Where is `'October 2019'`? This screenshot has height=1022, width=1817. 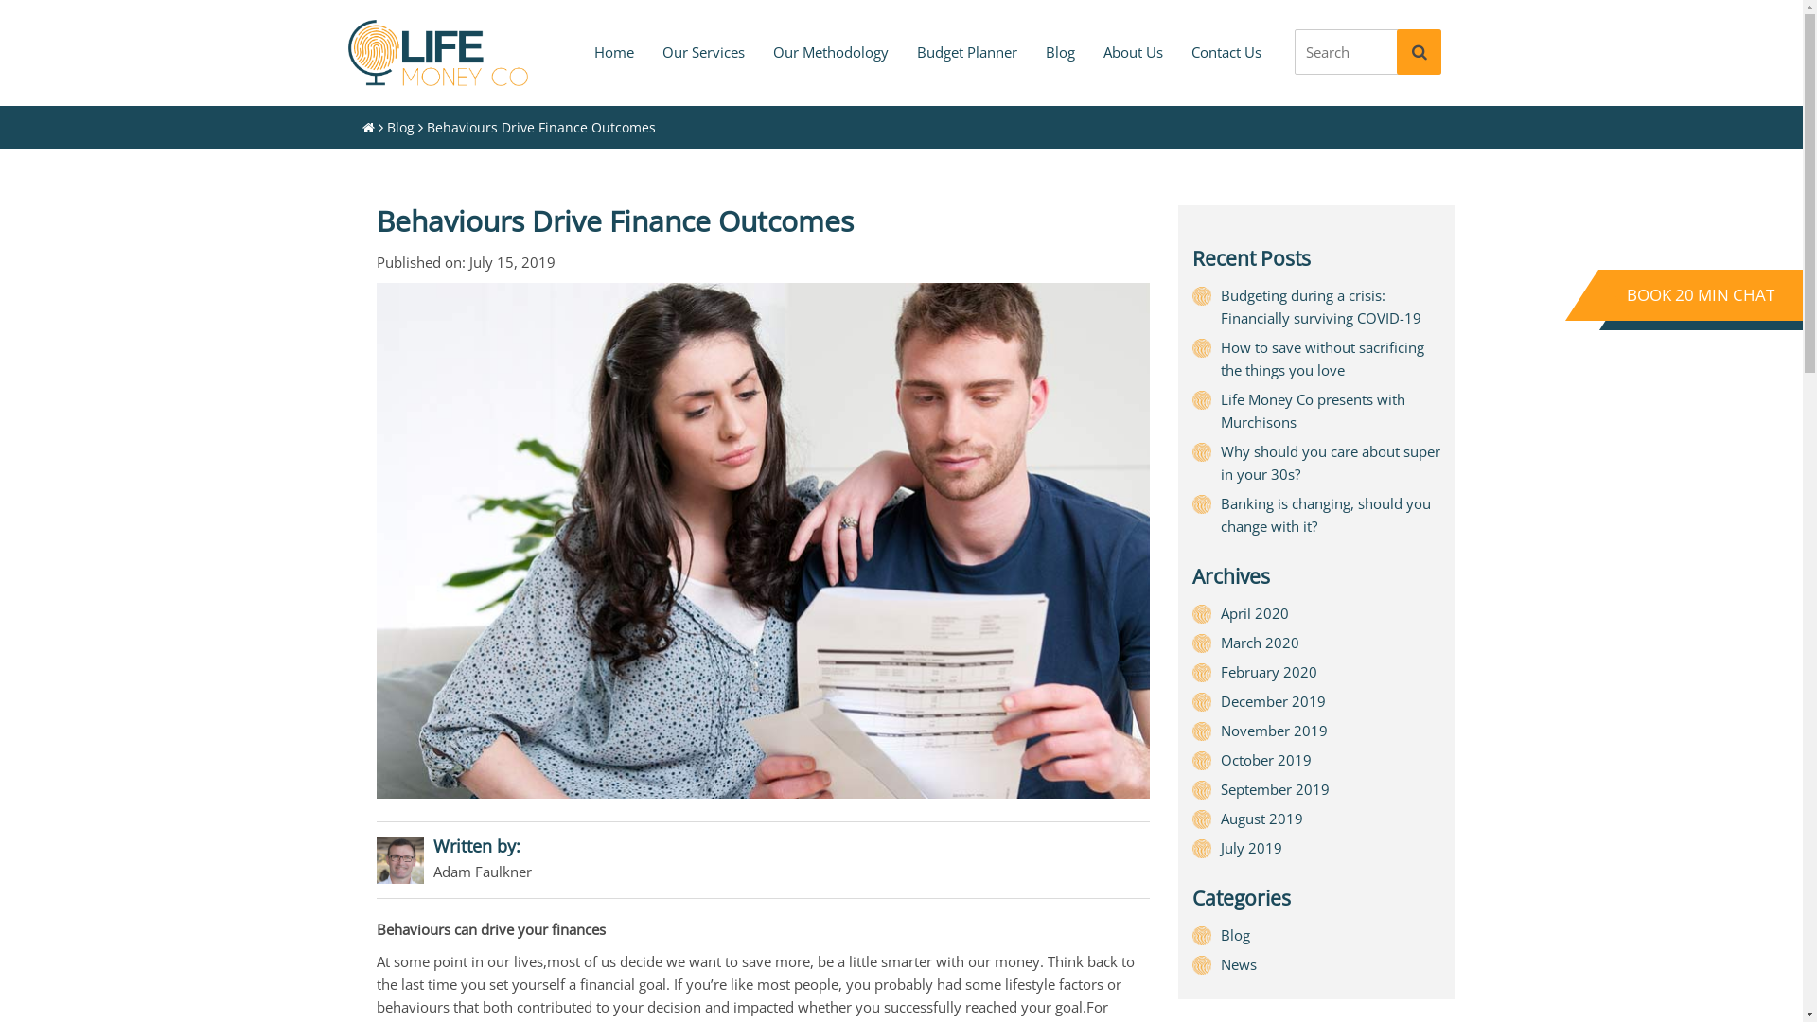
'October 2019' is located at coordinates (1266, 758).